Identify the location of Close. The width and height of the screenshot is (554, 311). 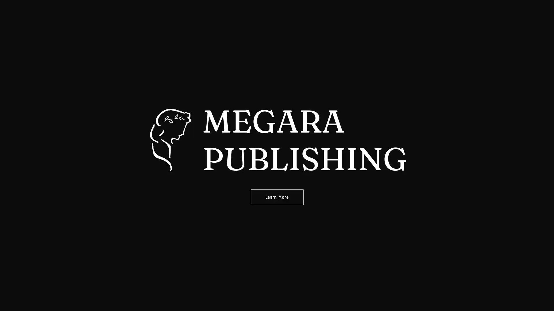
(342, 16).